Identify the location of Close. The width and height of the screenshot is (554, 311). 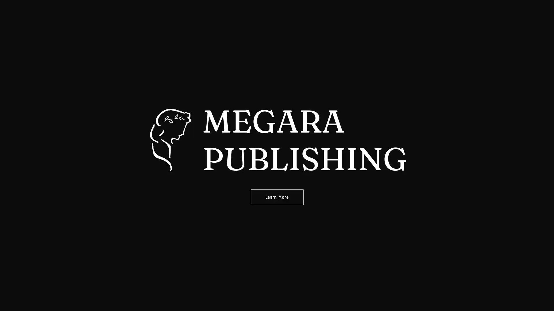
(342, 16).